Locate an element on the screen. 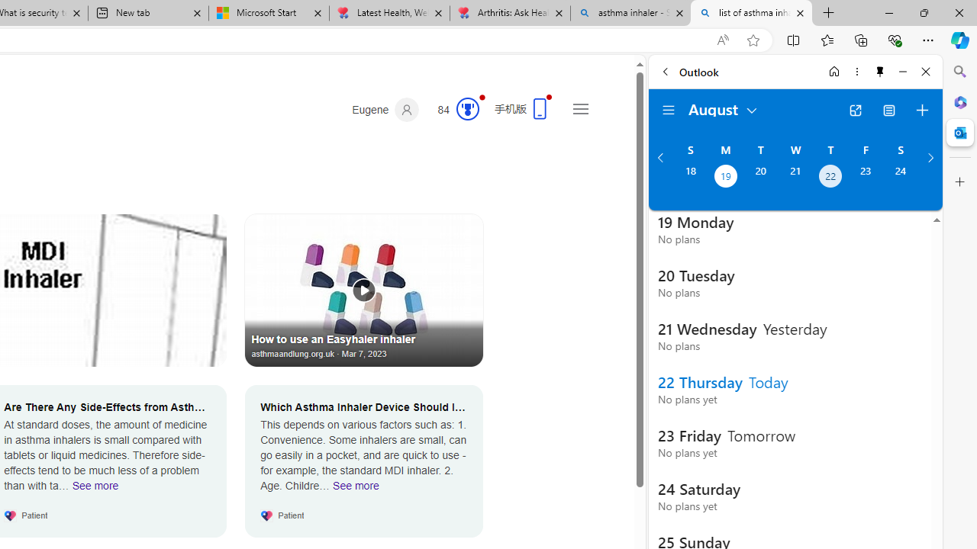 This screenshot has width=977, height=549. 'AutomationID: rh_meter' is located at coordinates (467, 108).